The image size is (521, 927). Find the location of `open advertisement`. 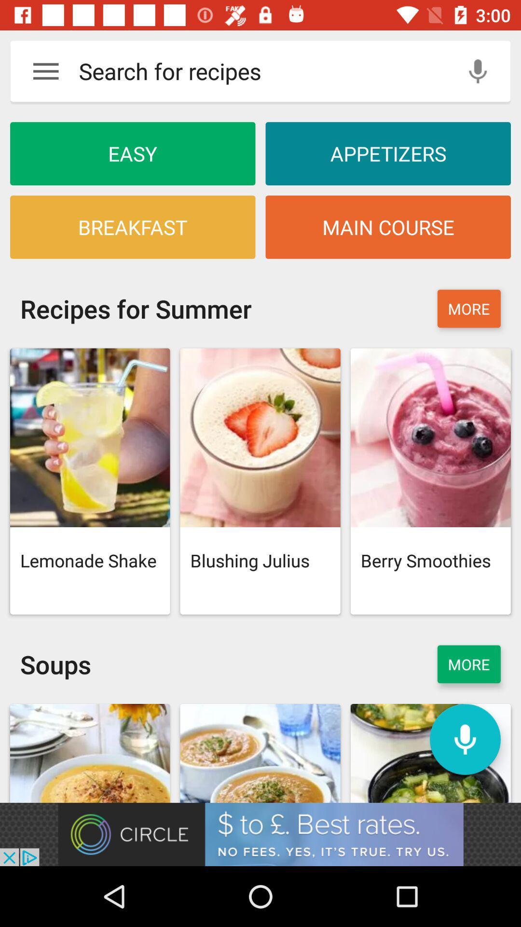

open advertisement is located at coordinates (260, 834).